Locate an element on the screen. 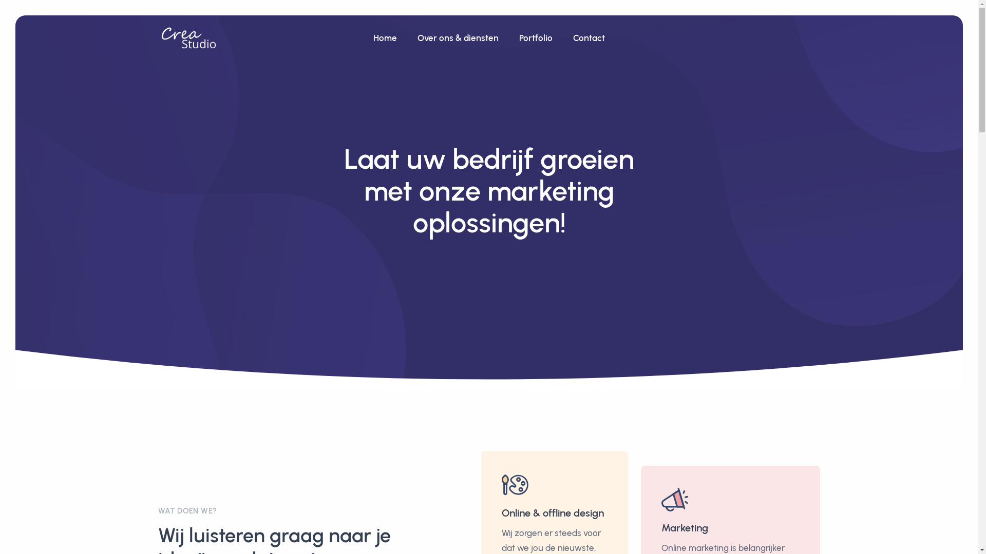 The image size is (986, 554). 'Portfolio' is located at coordinates (535, 37).